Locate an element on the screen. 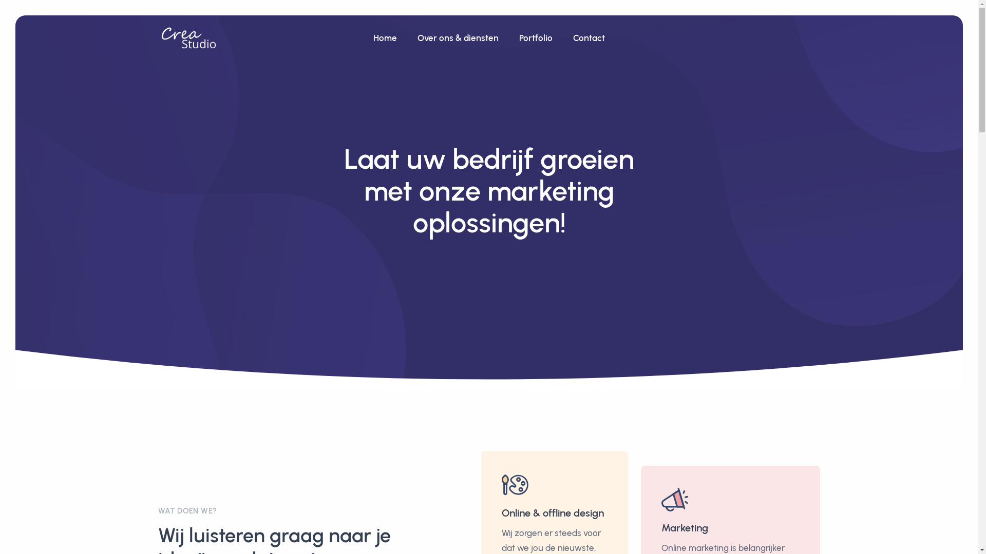 The image size is (986, 554). 'Portfolio' is located at coordinates (535, 37).